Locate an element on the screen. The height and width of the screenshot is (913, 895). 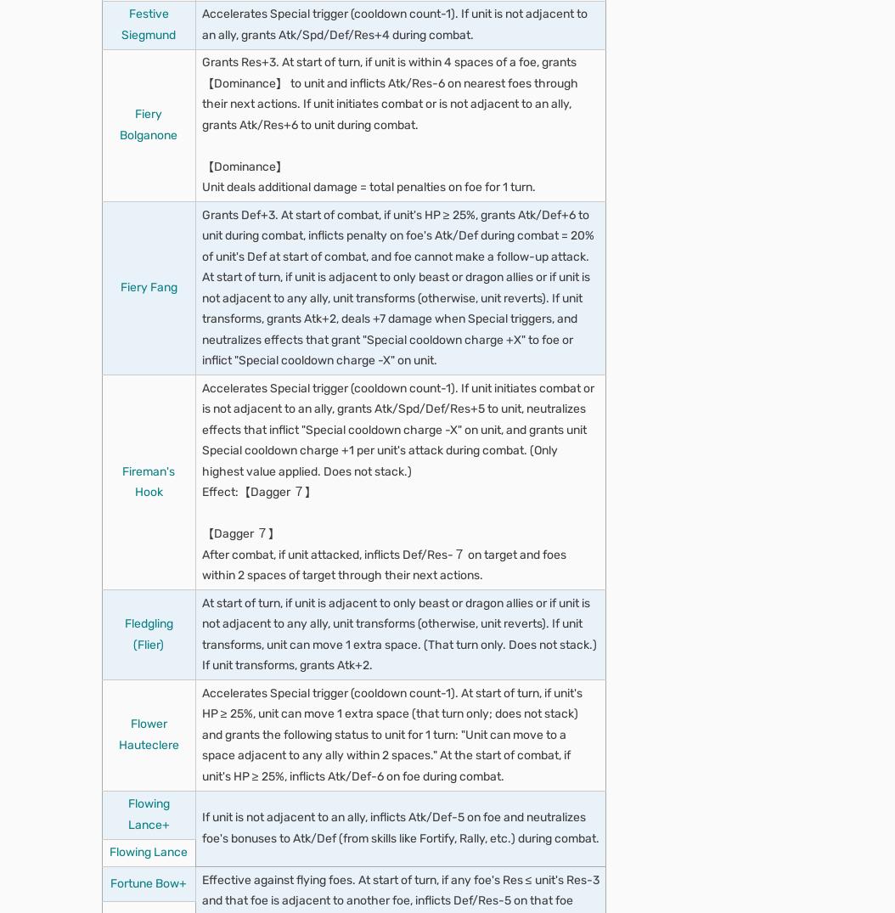
'Defensive terrain' is located at coordinates (225, 14).